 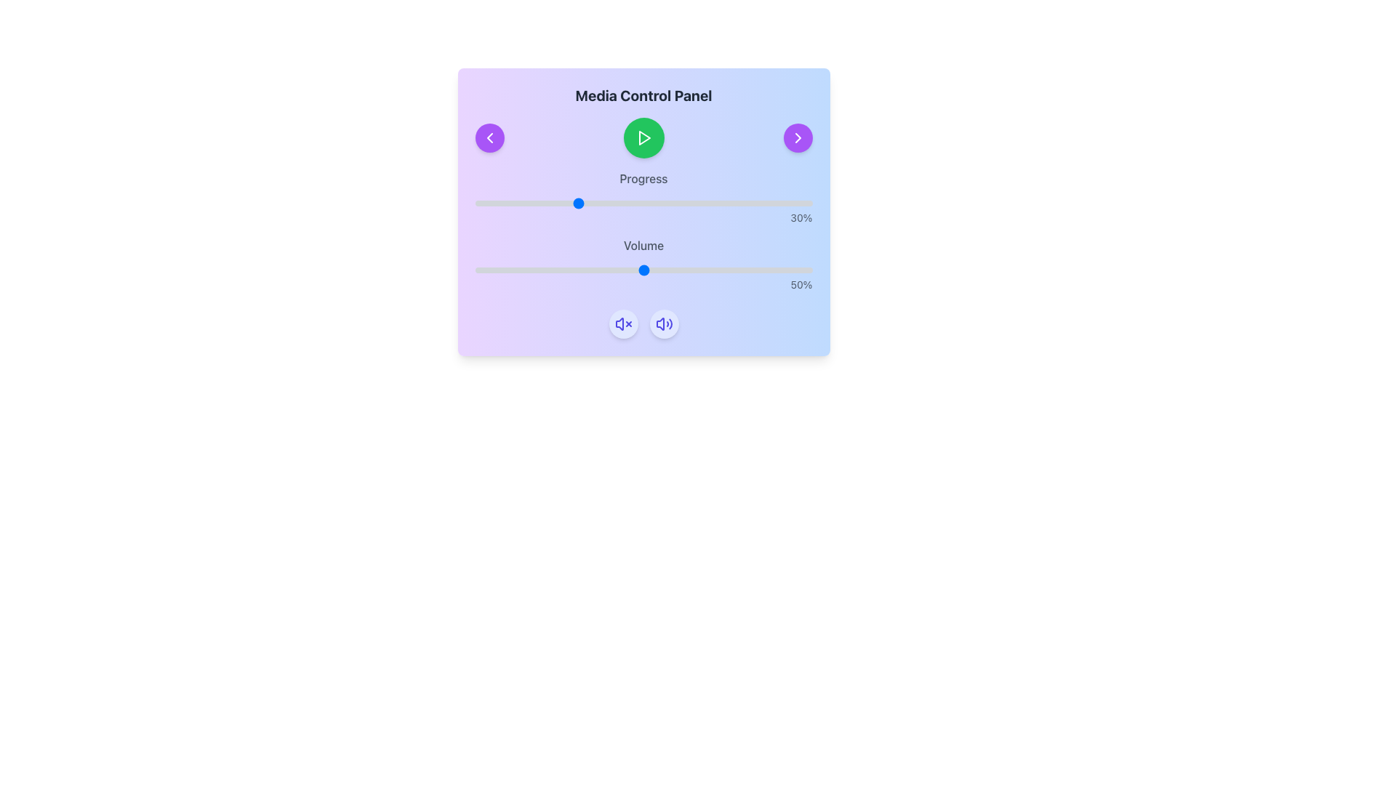 What do you see at coordinates (663, 323) in the screenshot?
I see `the volume control button located at the bottom-left corner of the media control panel` at bounding box center [663, 323].